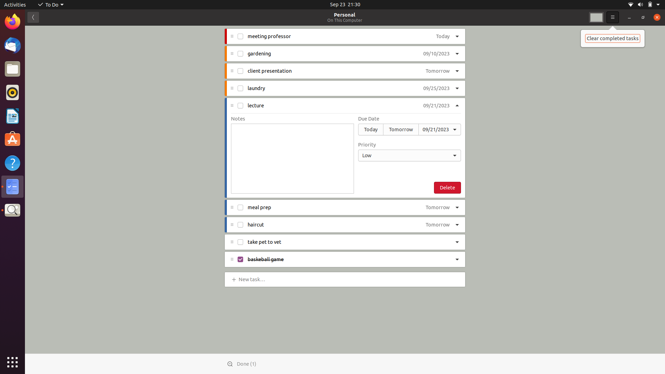  I want to click on Confirm the gardening task as done, so click(240, 53).